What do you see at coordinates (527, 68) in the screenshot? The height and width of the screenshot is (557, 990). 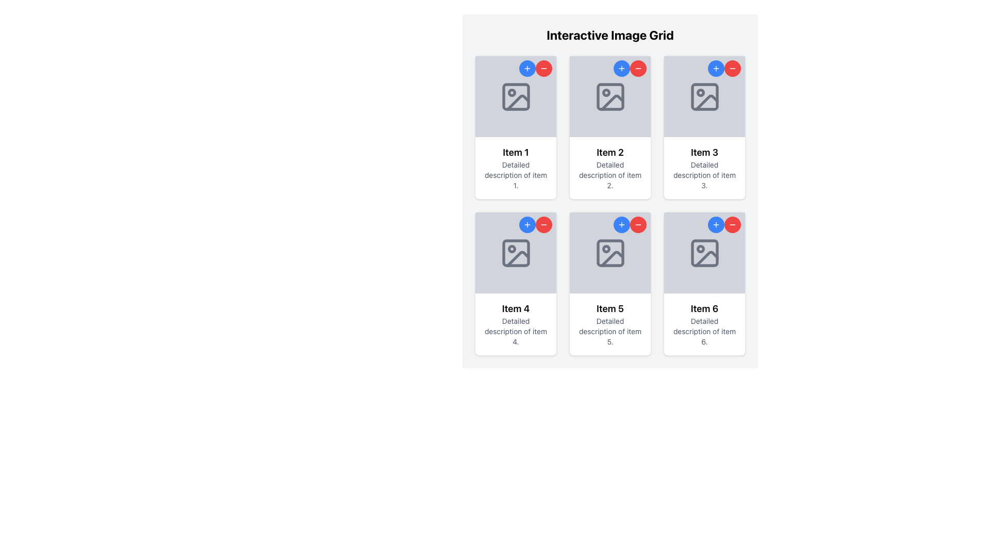 I see `the control button located in the upper-left region of the first item's card` at bounding box center [527, 68].